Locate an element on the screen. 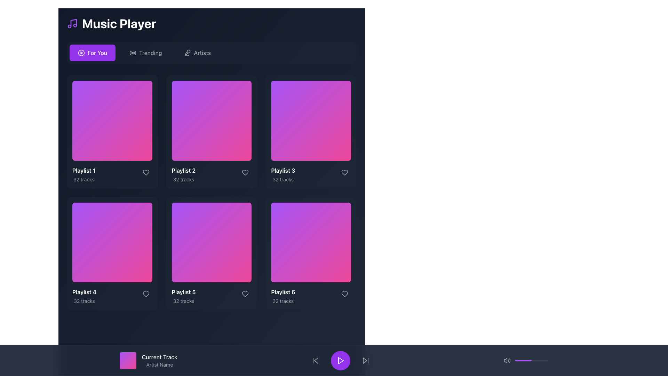 This screenshot has height=376, width=668. the label displaying 'Current Track' and 'Artist Name' at the bottom of the interface is located at coordinates (159, 360).